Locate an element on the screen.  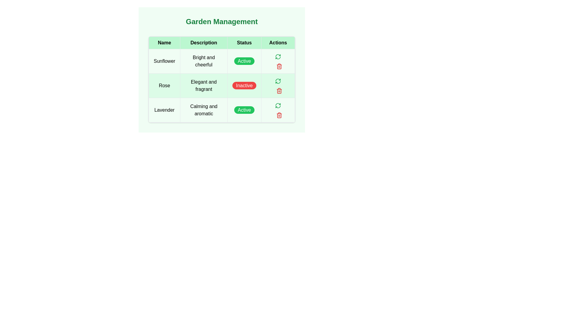
text in the table cell displaying the name of the plant 'Lavender', located in the first column of the third row is located at coordinates (164, 110).